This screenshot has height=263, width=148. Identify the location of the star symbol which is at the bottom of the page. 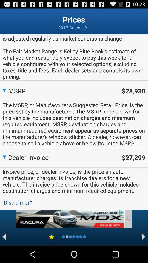
(51, 236).